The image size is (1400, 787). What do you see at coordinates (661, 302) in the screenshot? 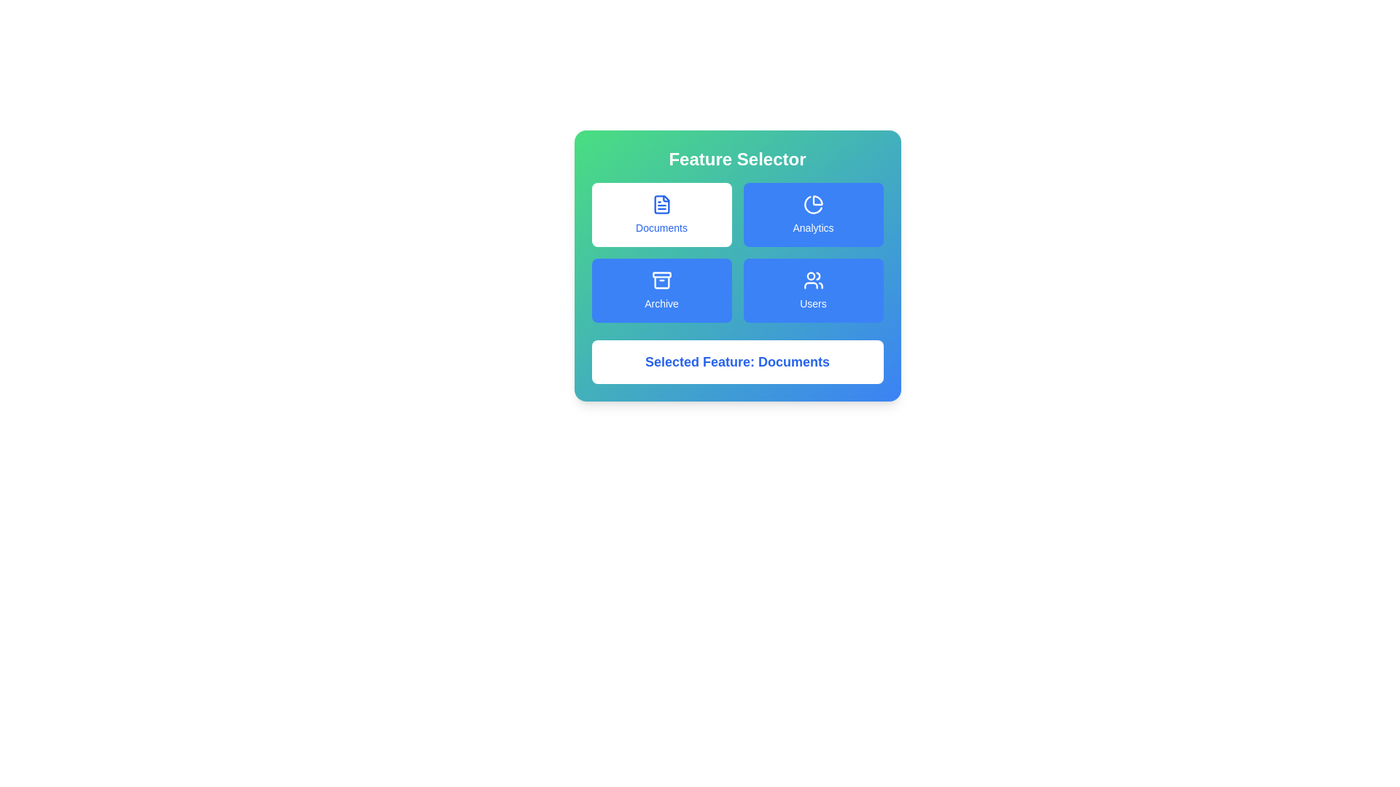
I see `the 'Archive' text label, which is styled with a small font size and medium weight, located within the bottom left button of the feature selector interface` at bounding box center [661, 302].